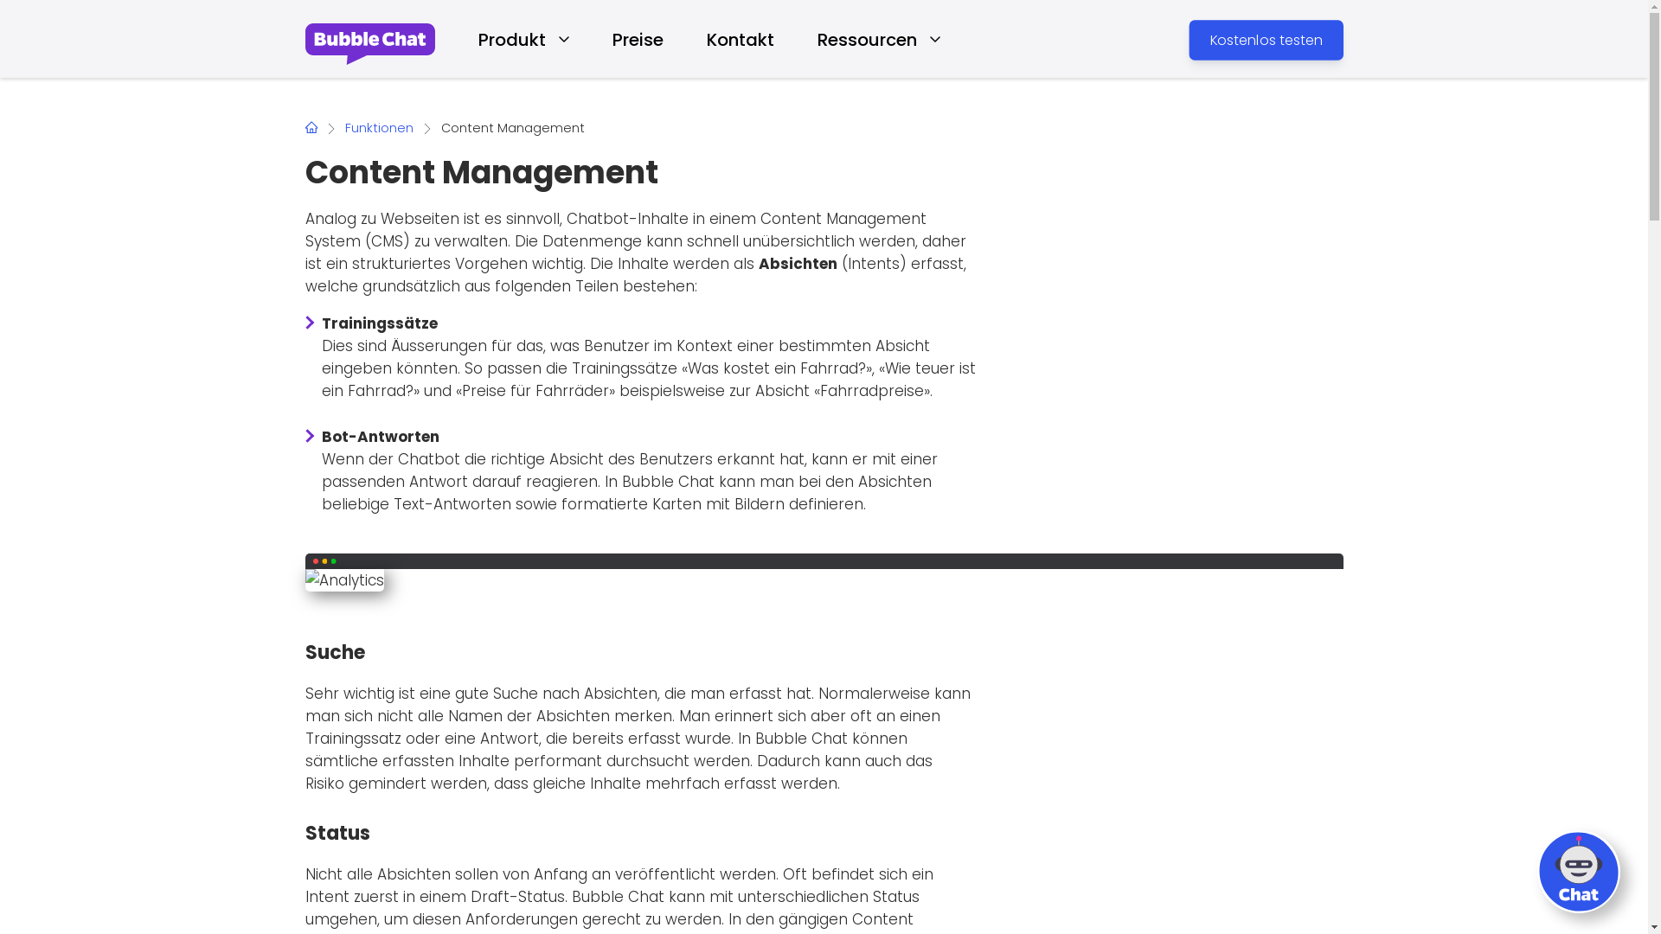 The height and width of the screenshot is (934, 1661). What do you see at coordinates (378, 127) in the screenshot?
I see `'Funktionen'` at bounding box center [378, 127].